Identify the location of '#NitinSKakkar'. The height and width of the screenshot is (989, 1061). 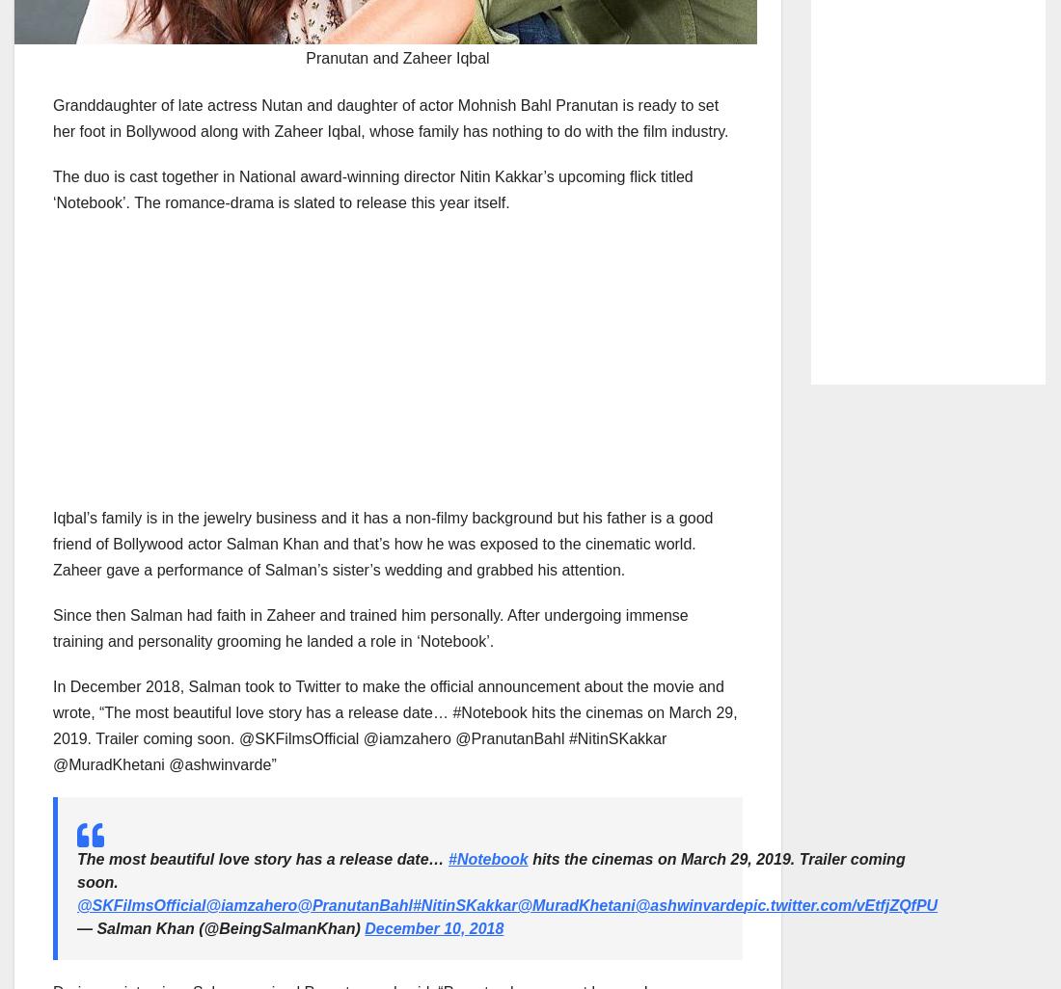
(463, 904).